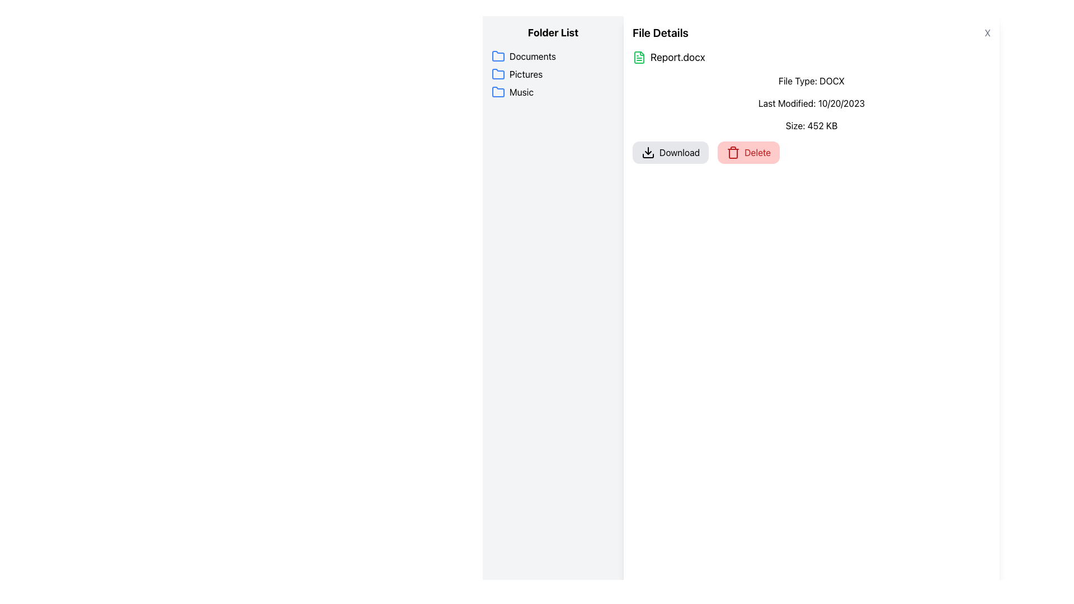  I want to click on the 'Download' button with a light gray background and a downward arrow icon to initiate a download action, so click(671, 153).